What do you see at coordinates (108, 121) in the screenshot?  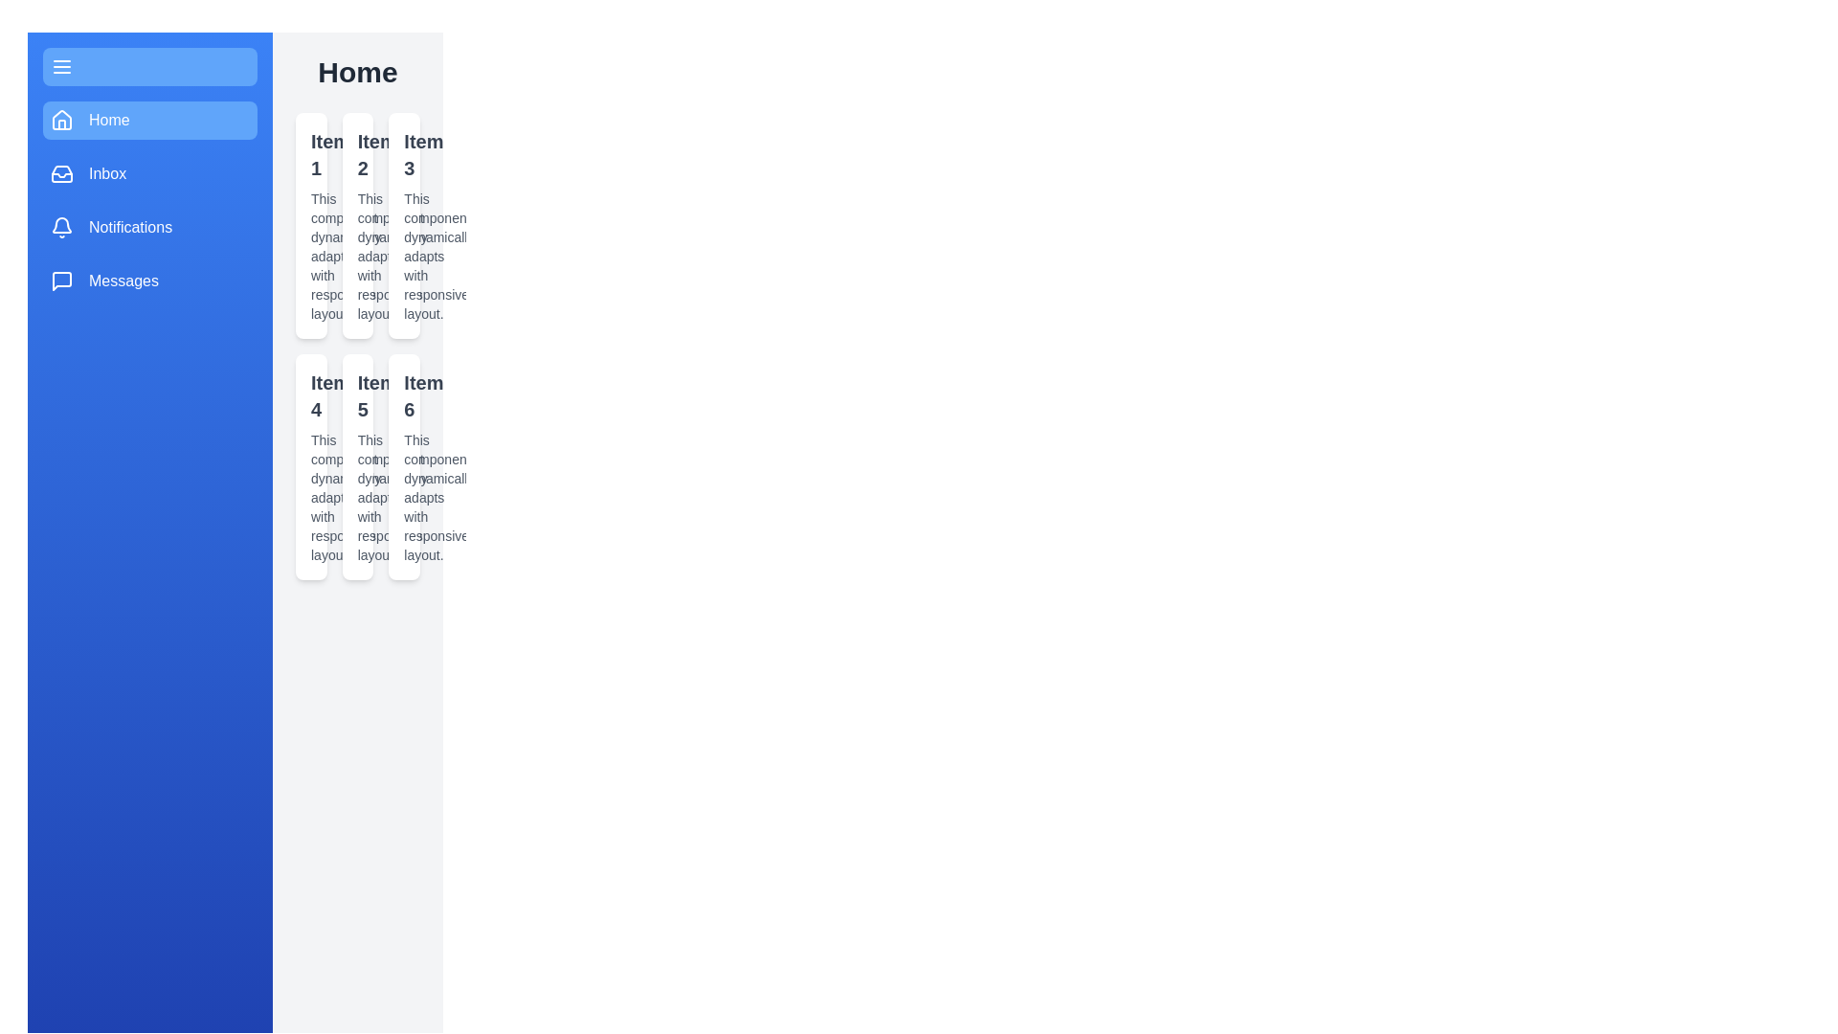 I see `text label displaying 'Home' in white, which is located in the blue rounded rectangular area within the sidebar navigation menu` at bounding box center [108, 121].